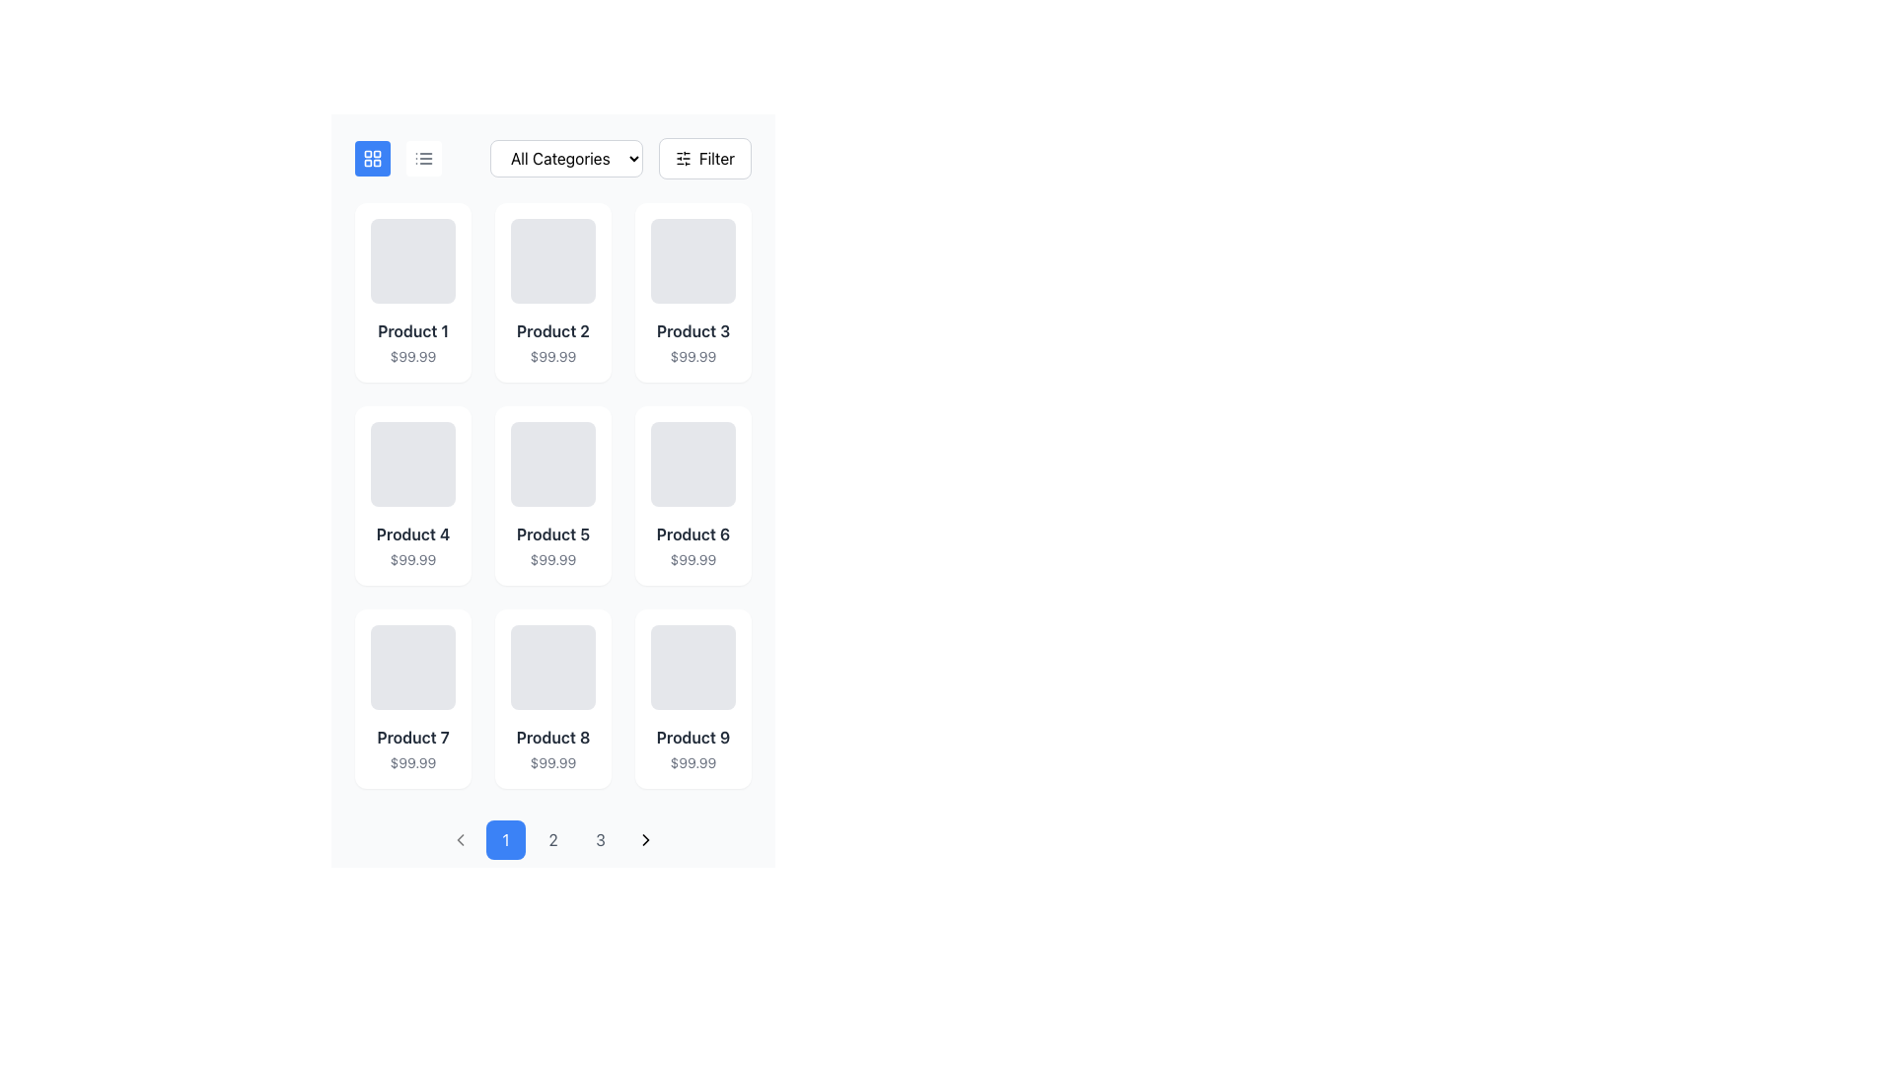 This screenshot has height=1065, width=1894. What do you see at coordinates (373, 158) in the screenshot?
I see `the square icon button with a blue background and four smaller white squares arranged in a grid pattern to switch to grid layout` at bounding box center [373, 158].